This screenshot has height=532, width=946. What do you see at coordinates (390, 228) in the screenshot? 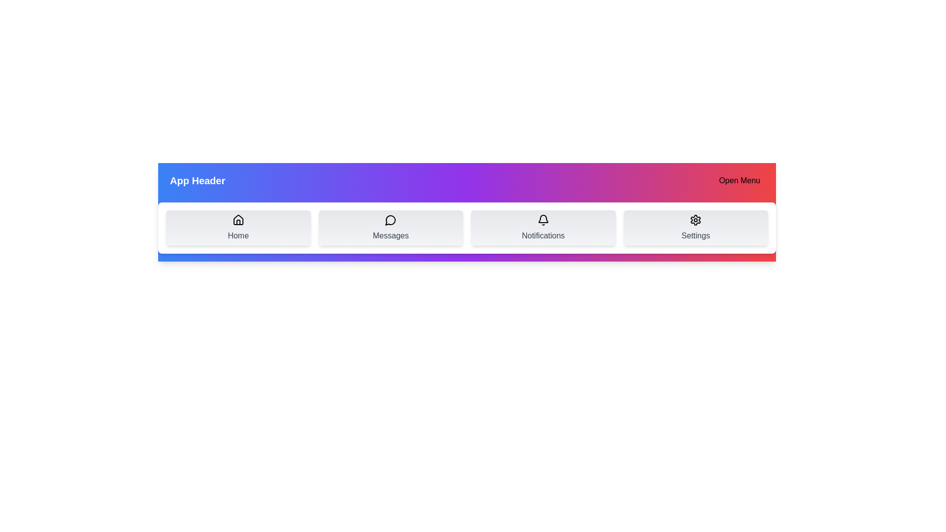
I see `the menu item Messages by clicking on it` at bounding box center [390, 228].